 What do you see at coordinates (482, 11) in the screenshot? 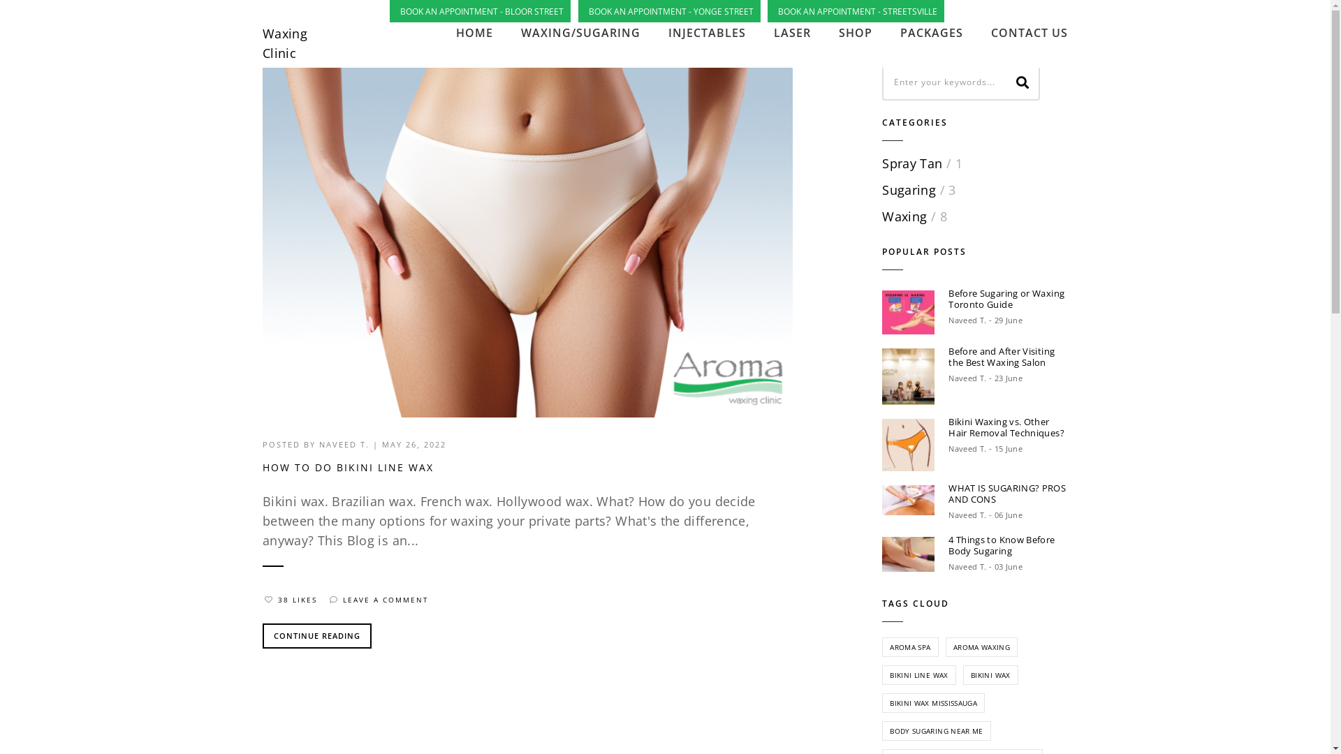
I see `'BOOK AN APPOINTMENT BLOOR STREET'` at bounding box center [482, 11].